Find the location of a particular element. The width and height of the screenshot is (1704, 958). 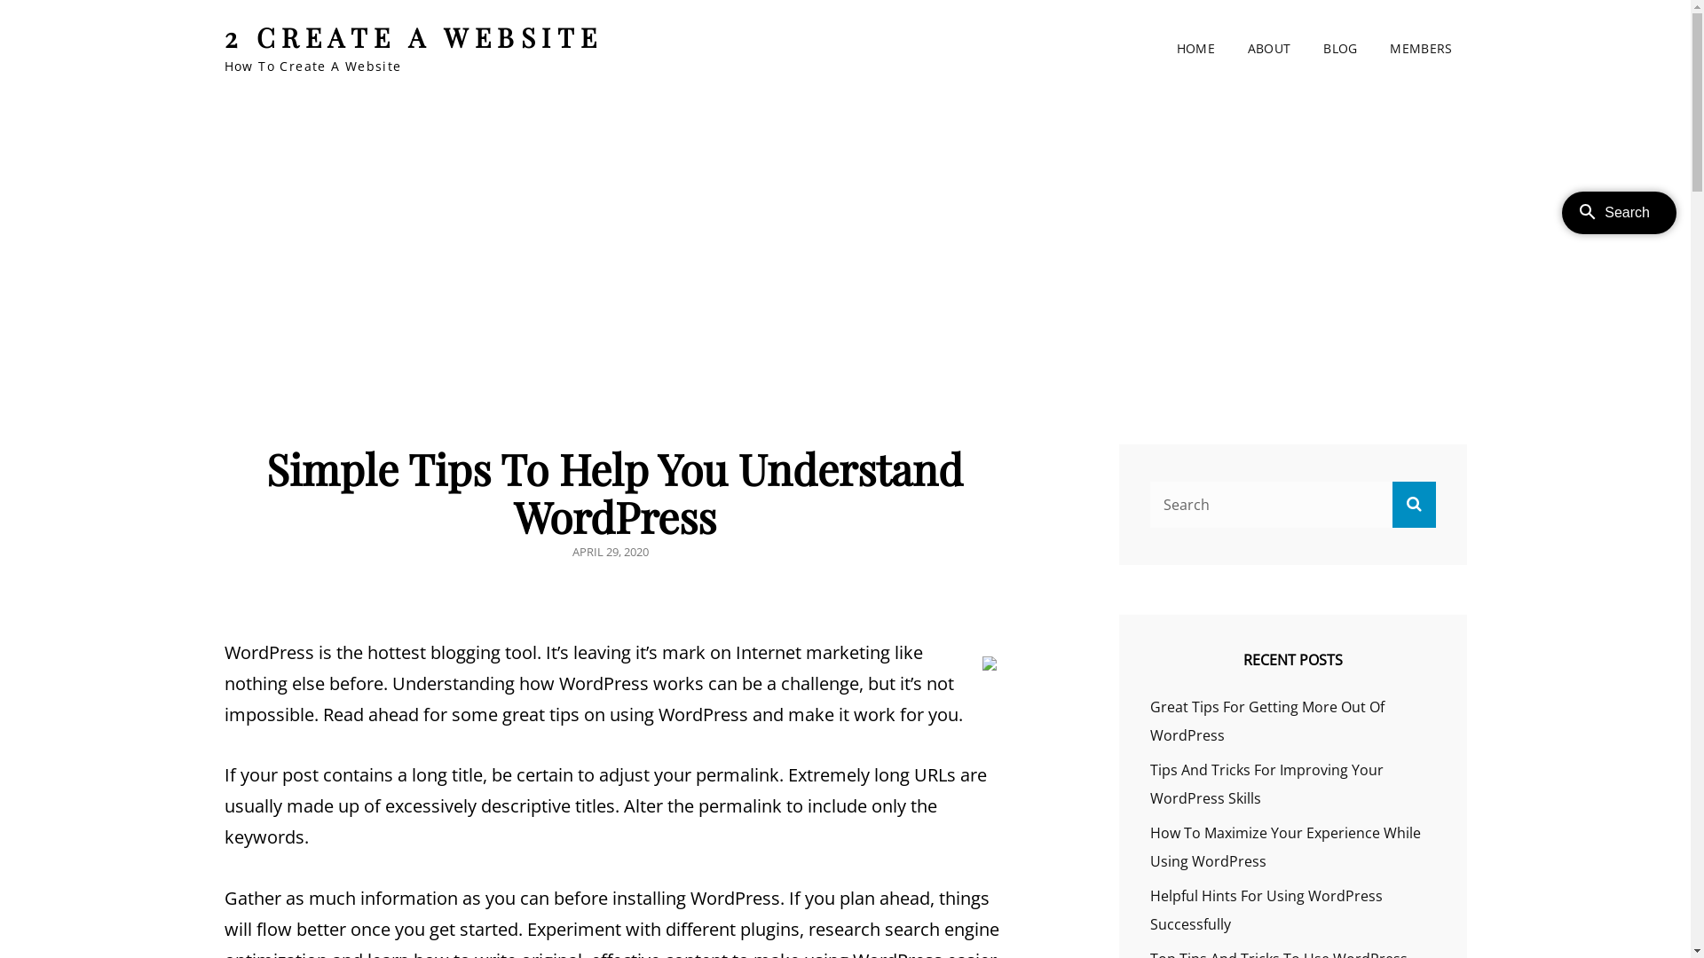

'ABOUT' is located at coordinates (1268, 47).